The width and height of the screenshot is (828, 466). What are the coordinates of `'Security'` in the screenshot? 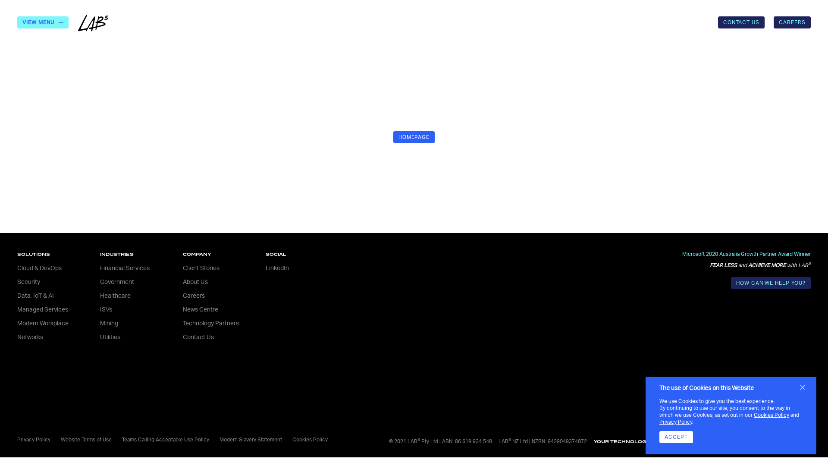 It's located at (28, 282).